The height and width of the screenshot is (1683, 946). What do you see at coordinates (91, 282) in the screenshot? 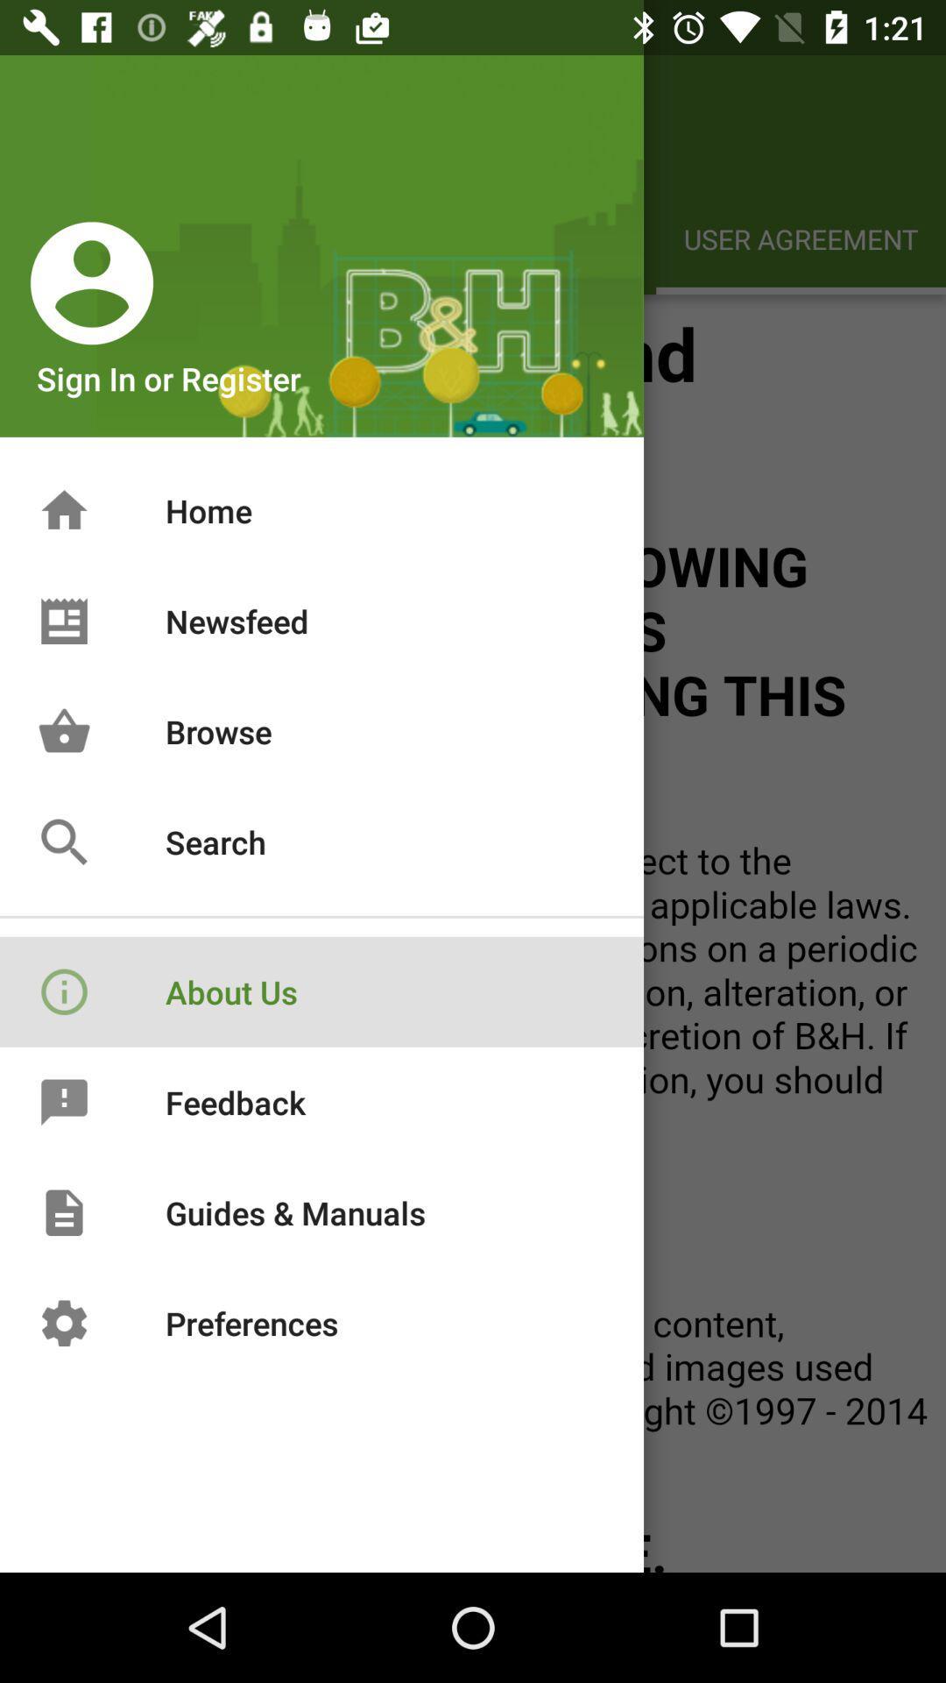
I see `user image` at bounding box center [91, 282].